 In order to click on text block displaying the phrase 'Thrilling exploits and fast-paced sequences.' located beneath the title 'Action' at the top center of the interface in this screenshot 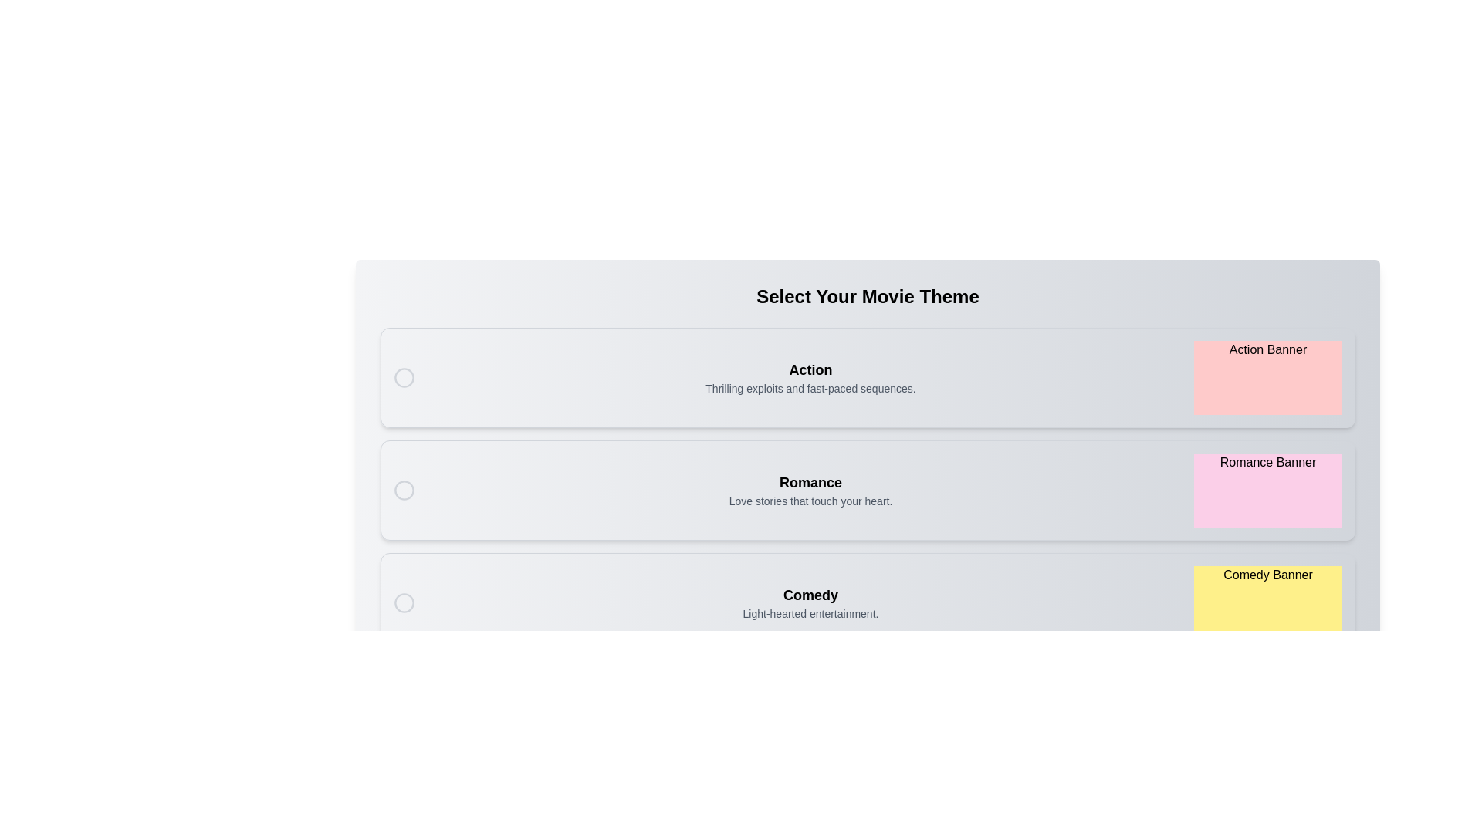, I will do `click(810, 388)`.